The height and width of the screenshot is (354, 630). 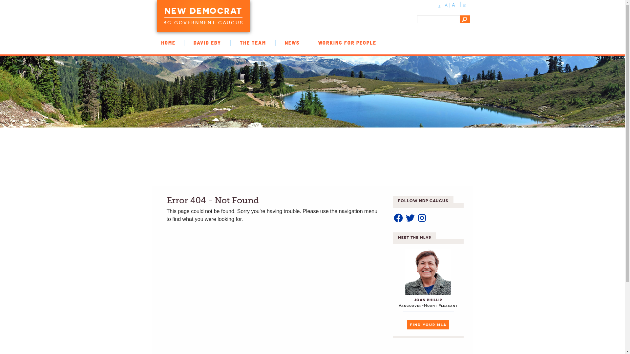 What do you see at coordinates (453, 5) in the screenshot?
I see `'A'` at bounding box center [453, 5].